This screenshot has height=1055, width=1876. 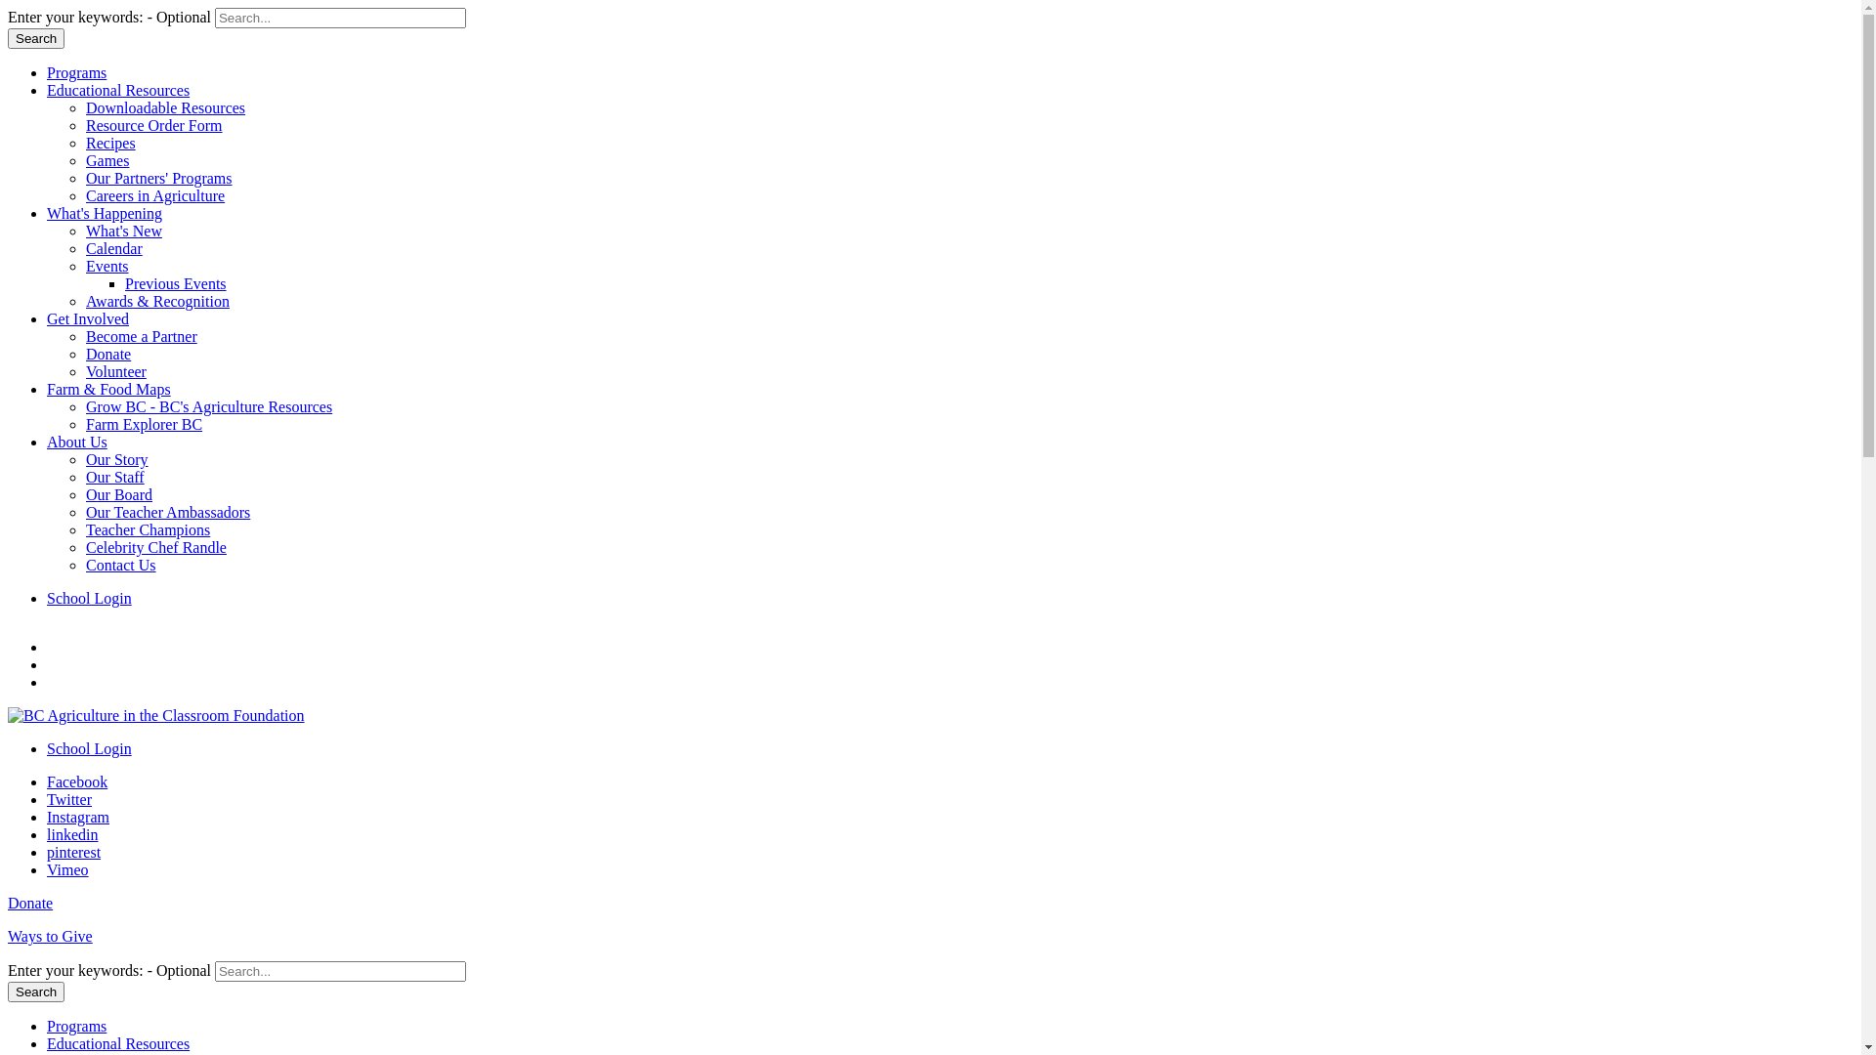 I want to click on 'Our Story', so click(x=116, y=459).